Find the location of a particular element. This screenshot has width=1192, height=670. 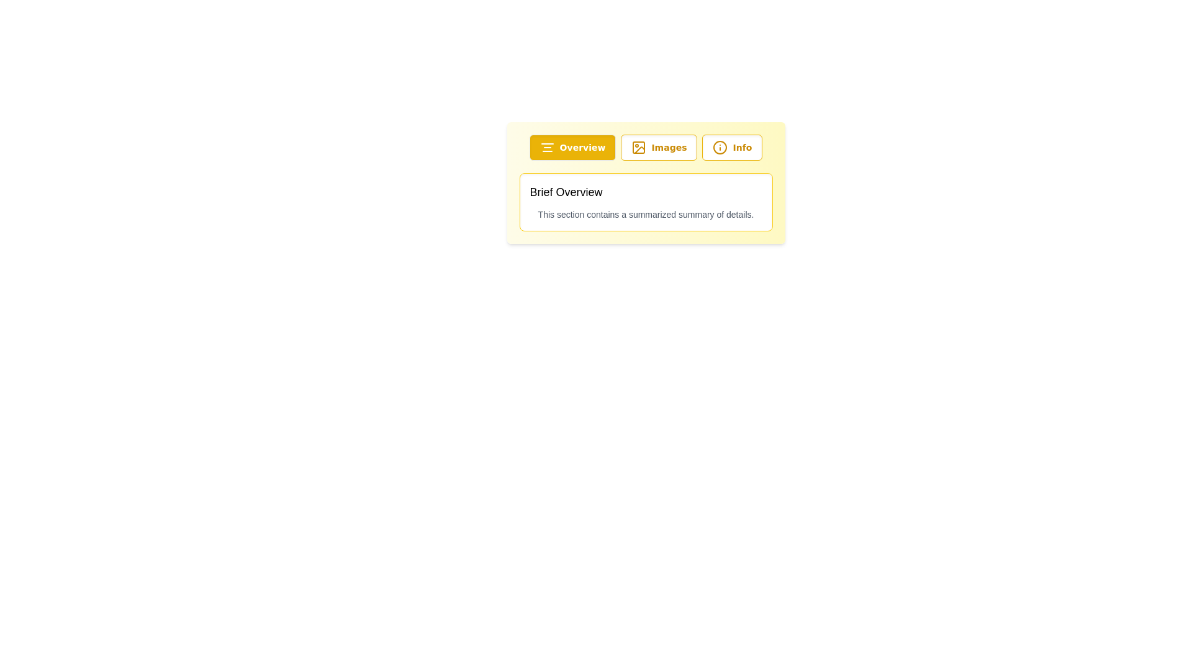

the decorative circle within the 'Info' button, which serves as an icon in the button's interface is located at coordinates (720, 147).